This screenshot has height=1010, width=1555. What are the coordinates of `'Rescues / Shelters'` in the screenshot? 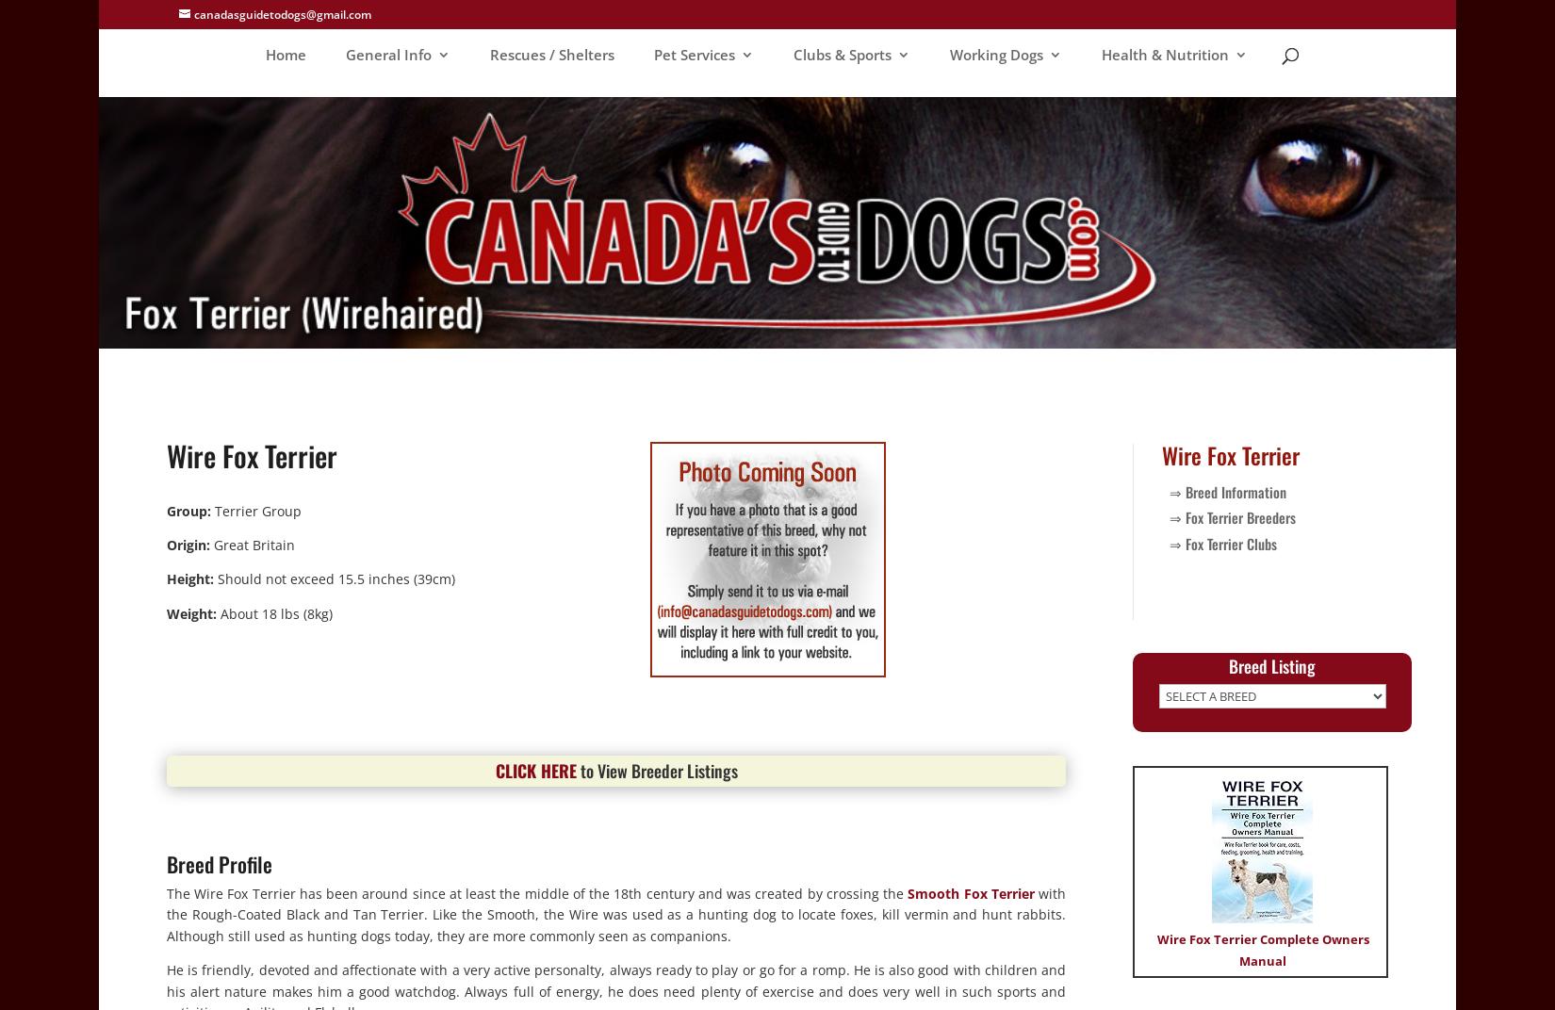 It's located at (551, 53).